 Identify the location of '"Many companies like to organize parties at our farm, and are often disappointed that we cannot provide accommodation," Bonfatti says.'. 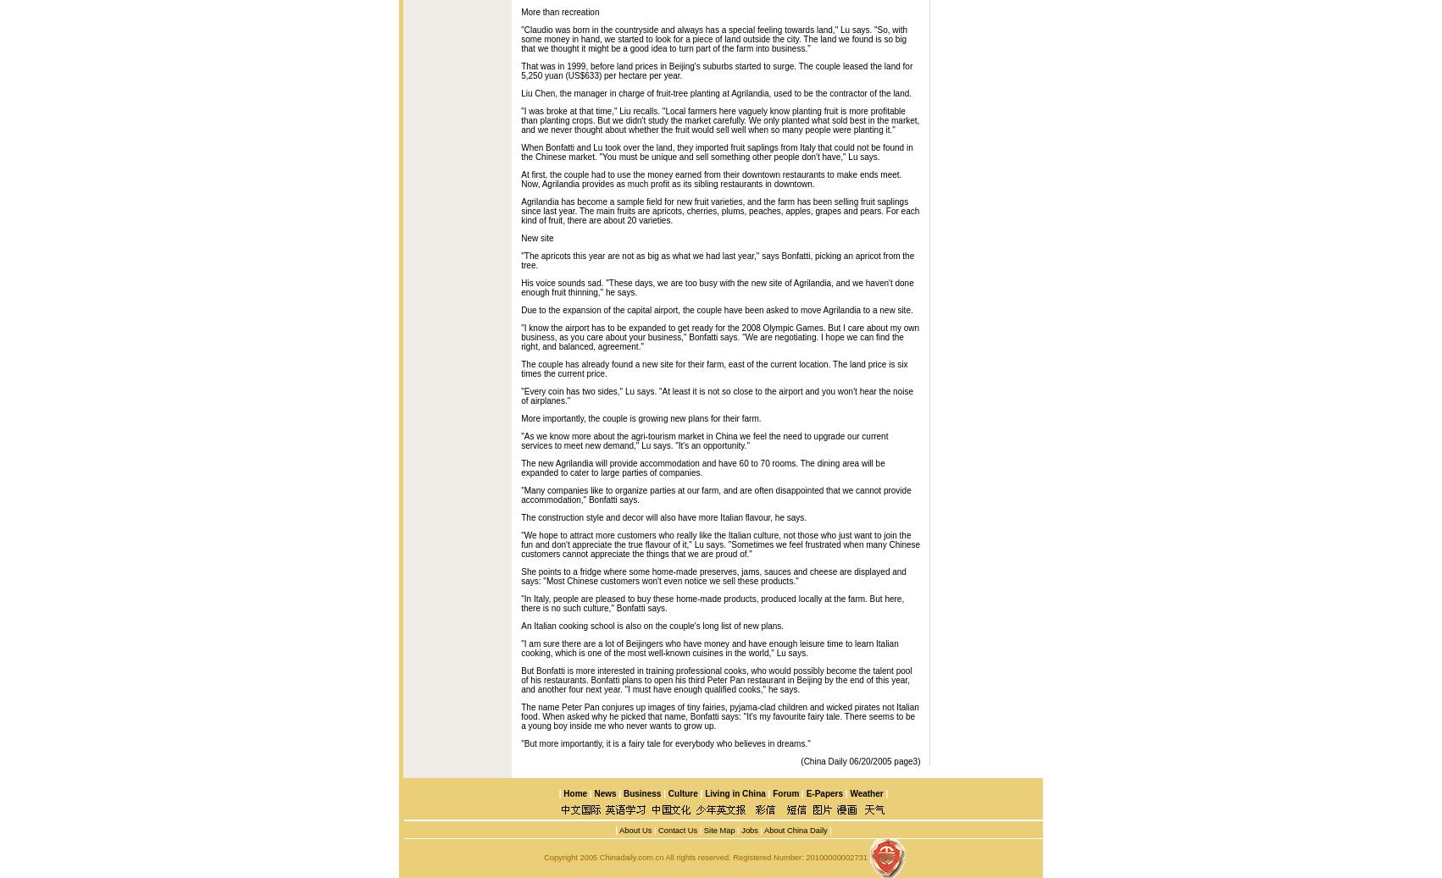
(520, 494).